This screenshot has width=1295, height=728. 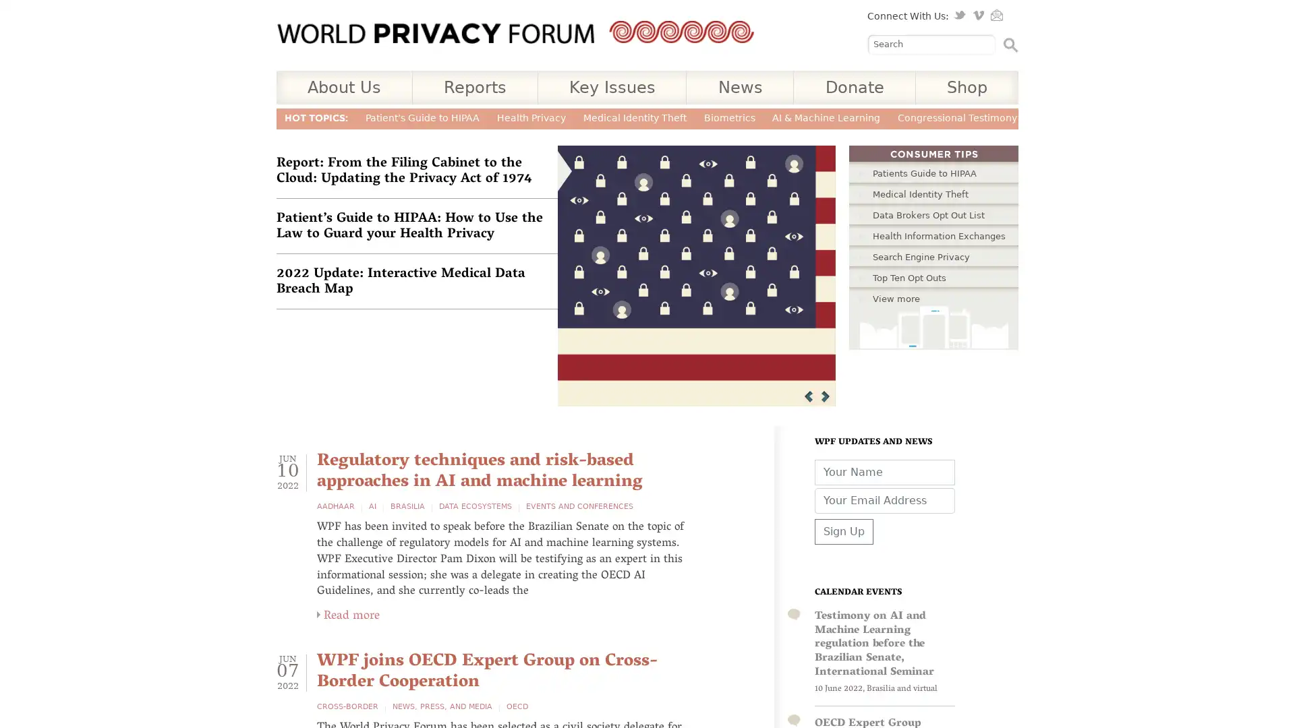 I want to click on Sign Up, so click(x=843, y=530).